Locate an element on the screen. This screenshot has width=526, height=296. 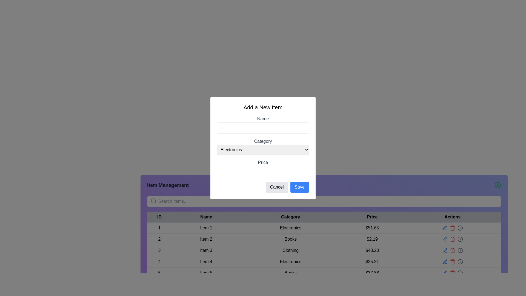
the table cell displaying the number '4', which is located in the fourth row under the 'ID' column is located at coordinates (159, 261).